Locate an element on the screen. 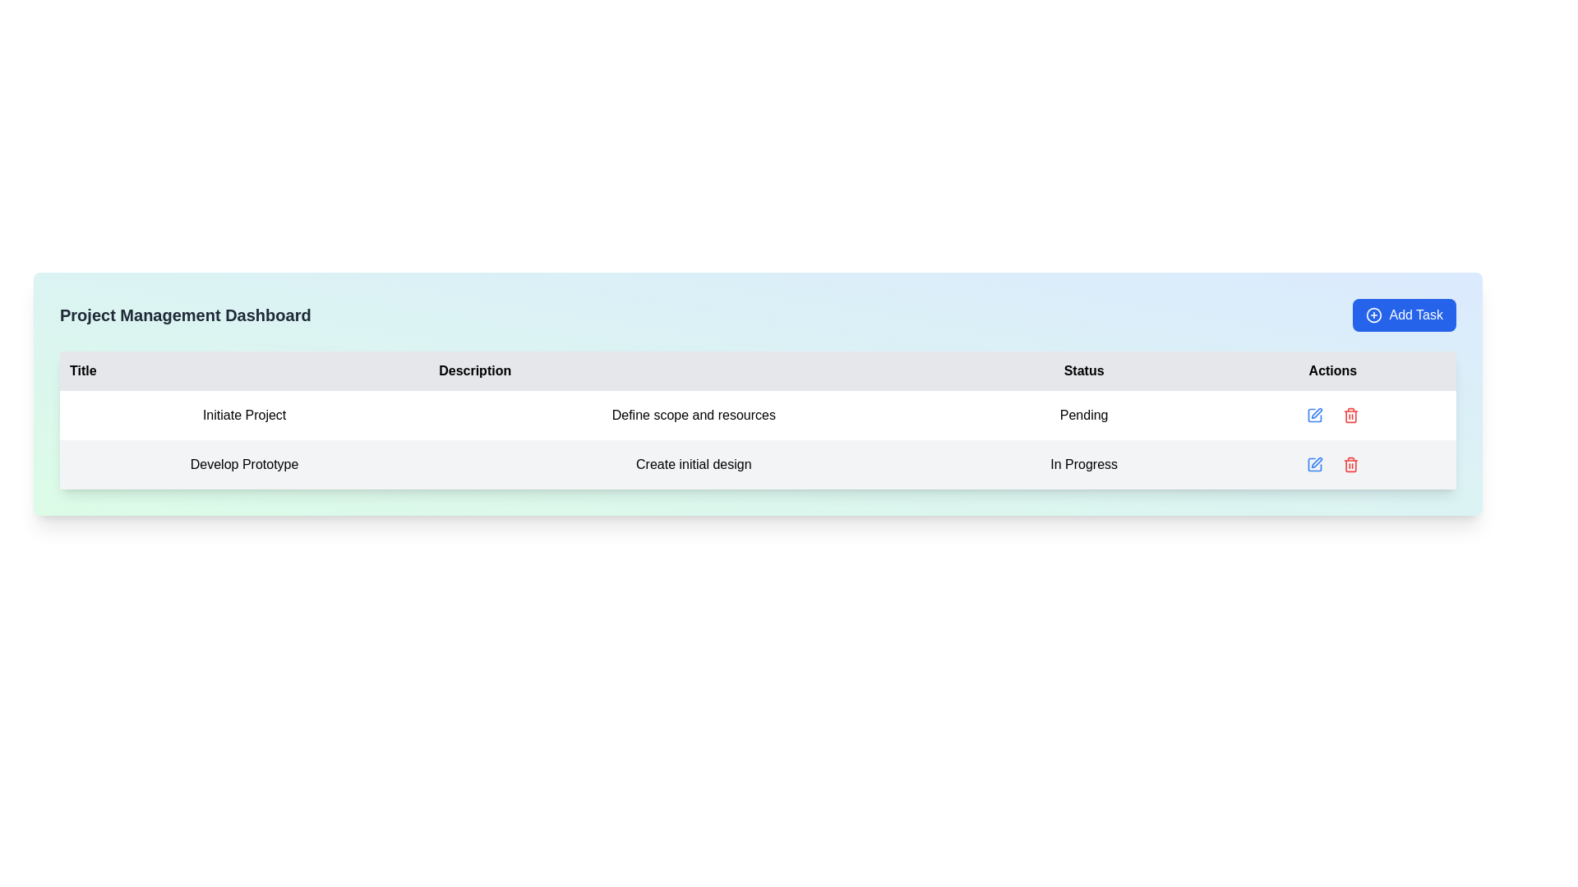 This screenshot has height=887, width=1578. the text label displaying 'Develop Prototype' located in the second row of the table under the 'Title' column is located at coordinates (243, 465).